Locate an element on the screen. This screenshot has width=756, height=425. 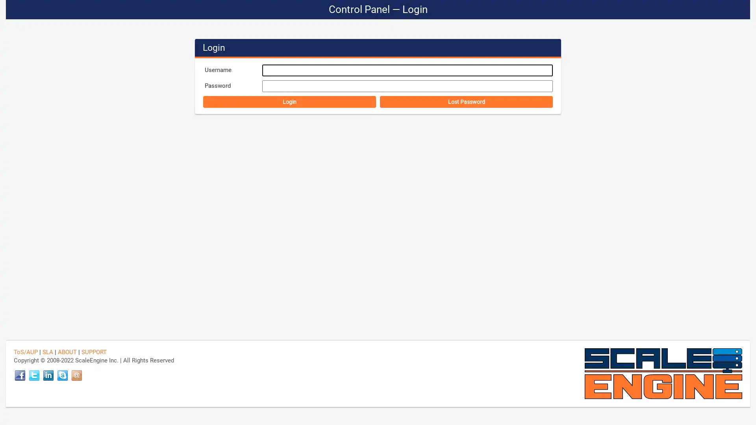
Lost Password is located at coordinates (466, 101).